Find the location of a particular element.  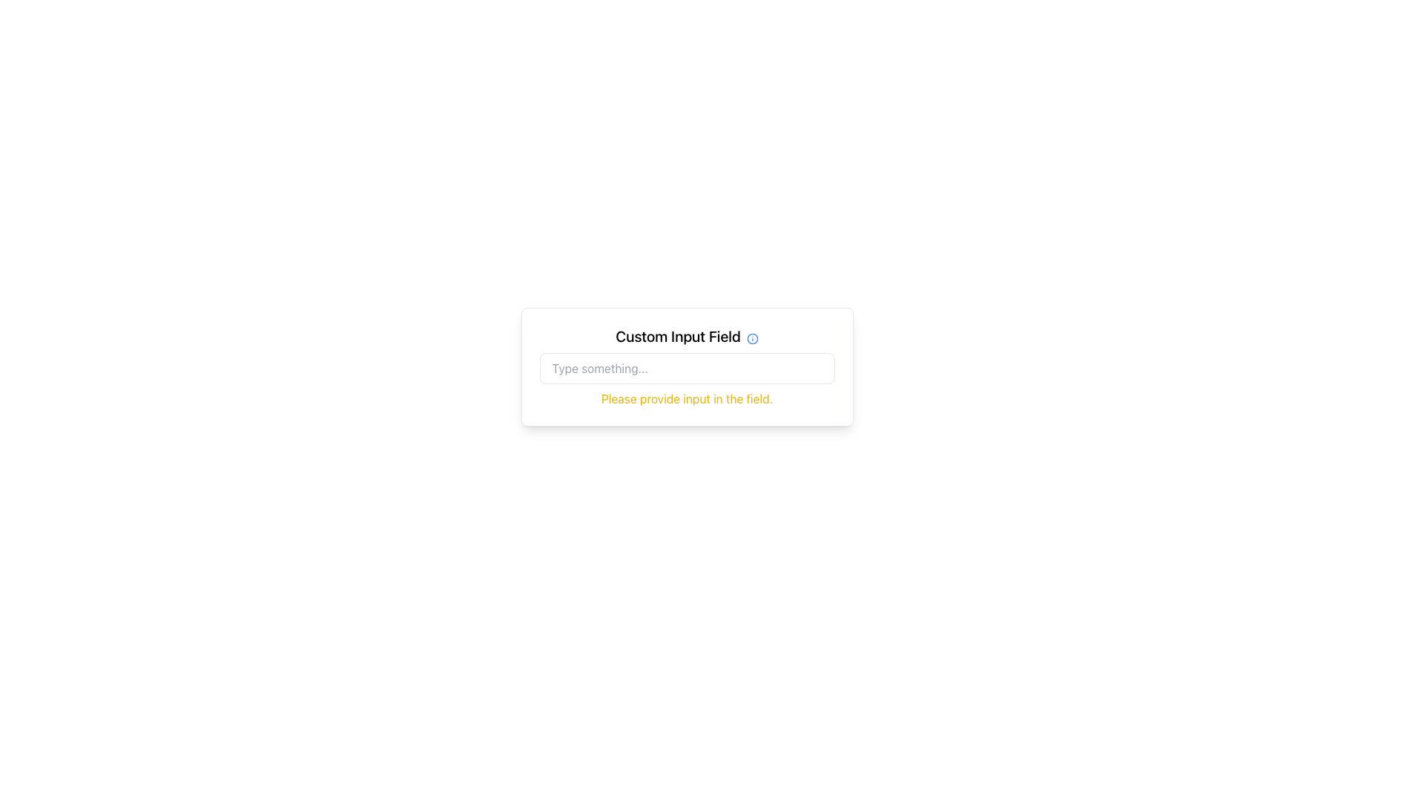

the label that provides context for the input field located directly below it is located at coordinates (686, 337).